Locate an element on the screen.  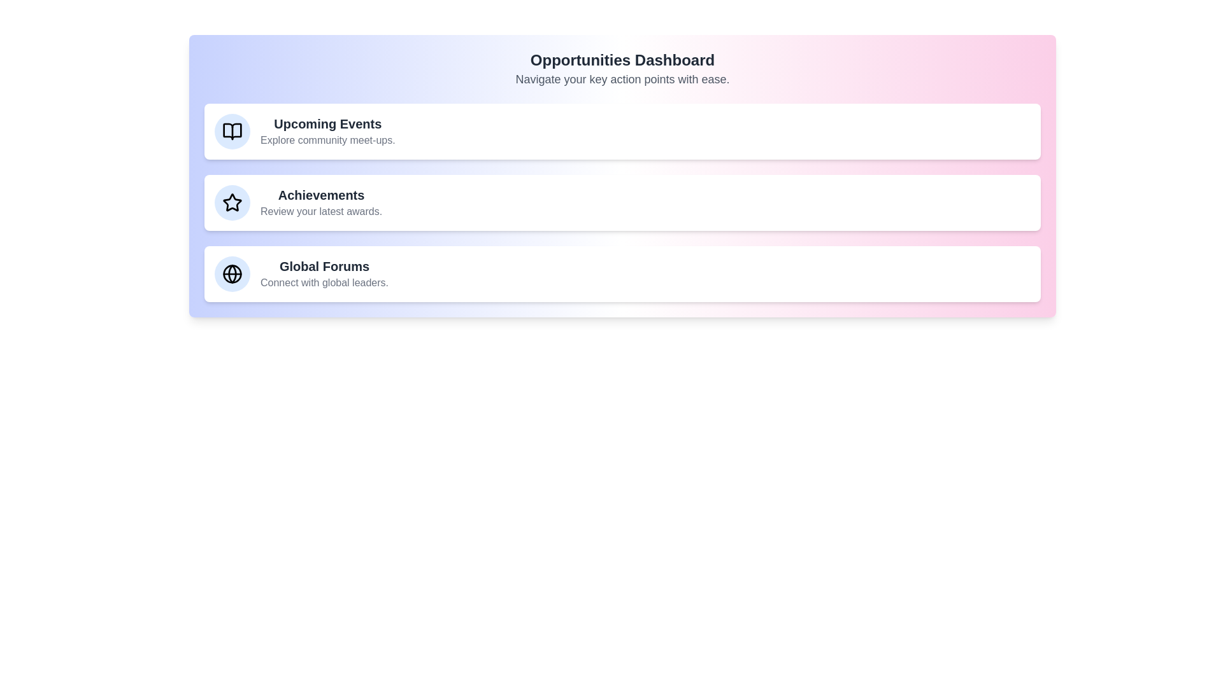
the card representing the opportunity titled 'Achievements' to select it is located at coordinates (622, 202).